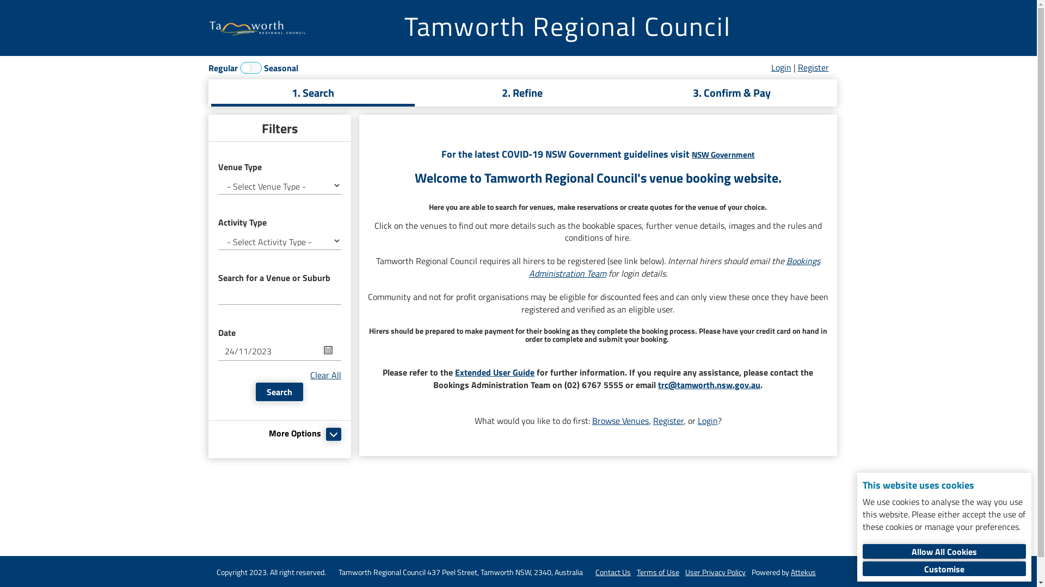 The height and width of the screenshot is (587, 1045). Describe the element at coordinates (296, 433) in the screenshot. I see `'More Options'` at that location.